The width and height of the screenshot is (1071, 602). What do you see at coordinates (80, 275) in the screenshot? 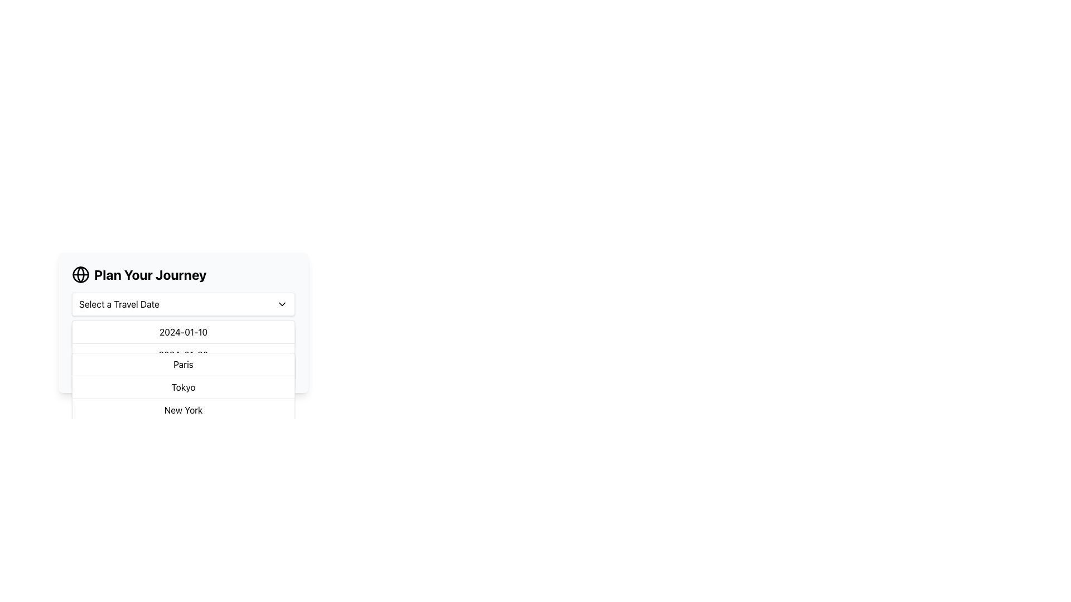
I see `the decorative icon representing global travel planning, located to the left of the text 'Plan Your Journey'` at bounding box center [80, 275].